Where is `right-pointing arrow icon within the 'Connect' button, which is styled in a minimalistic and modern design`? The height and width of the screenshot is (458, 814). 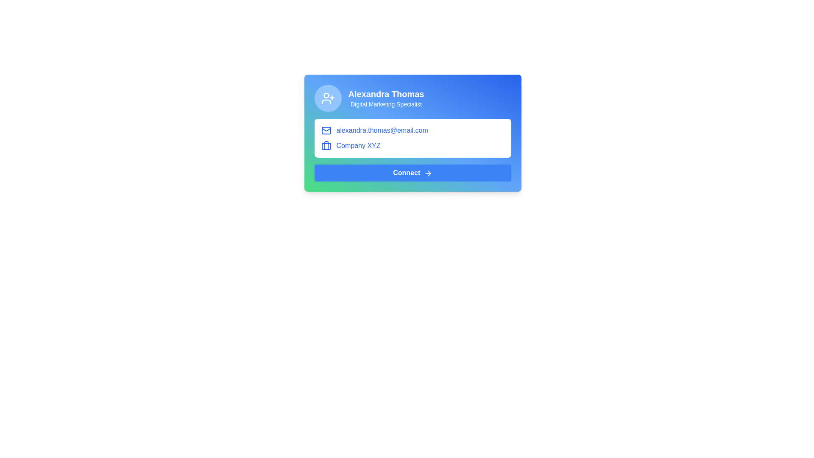
right-pointing arrow icon within the 'Connect' button, which is styled in a minimalistic and modern design is located at coordinates (429, 173).